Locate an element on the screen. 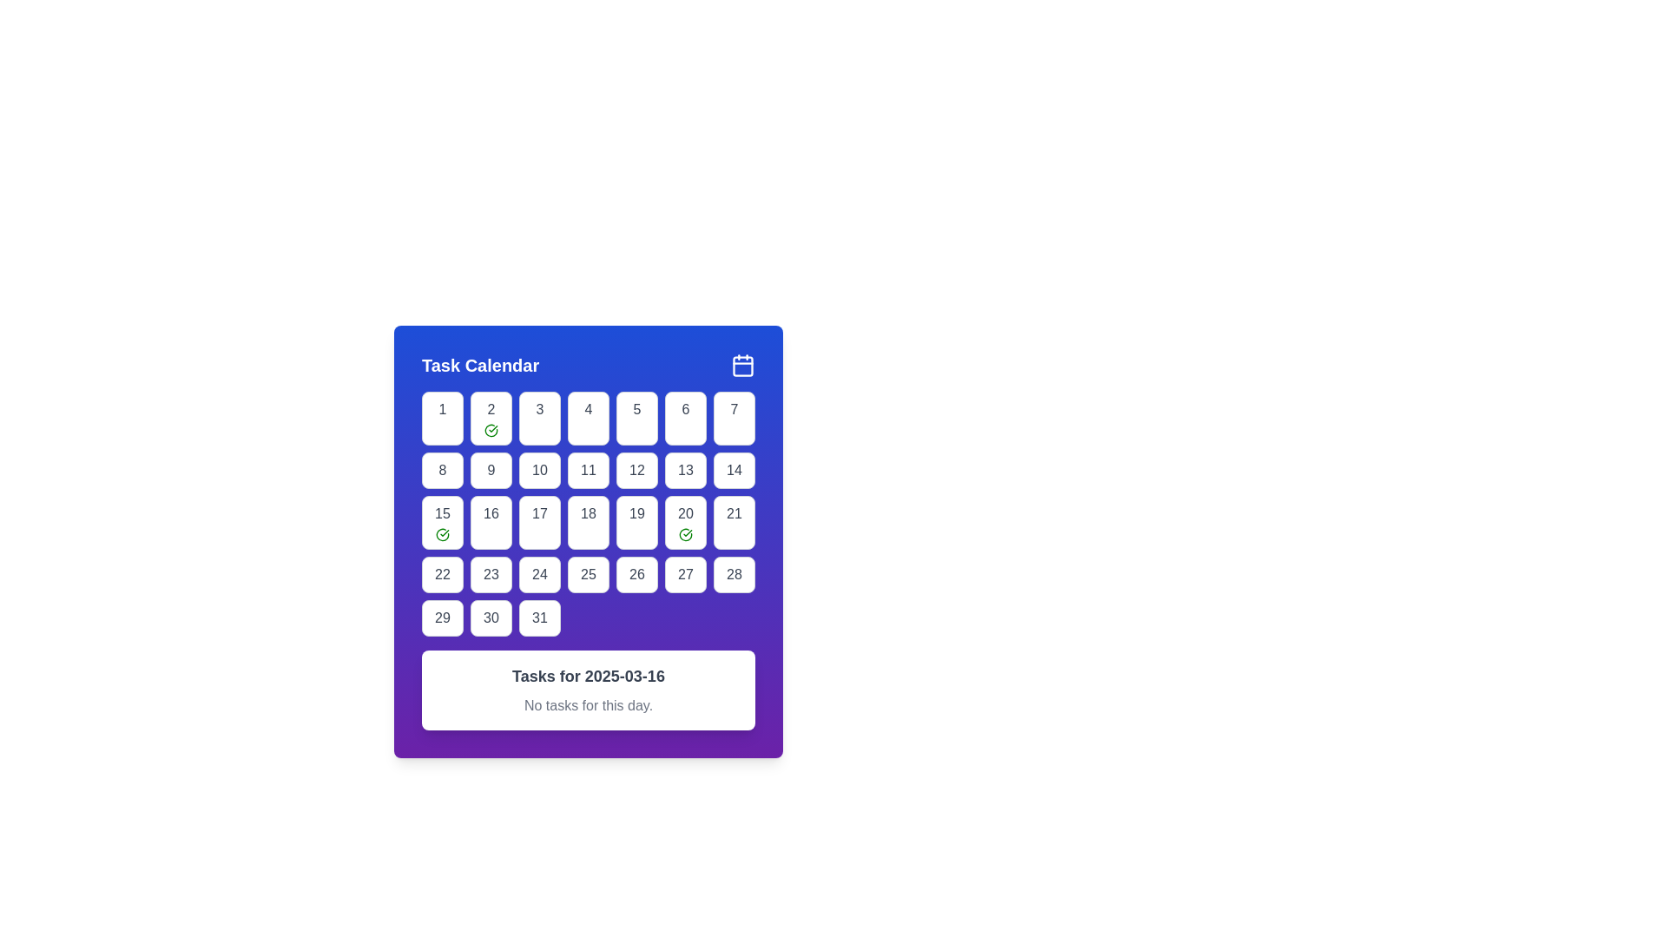 The height and width of the screenshot is (938, 1667). the calendar icon located in the top-right corner of the 'Task Calendar' card is located at coordinates (742, 364).